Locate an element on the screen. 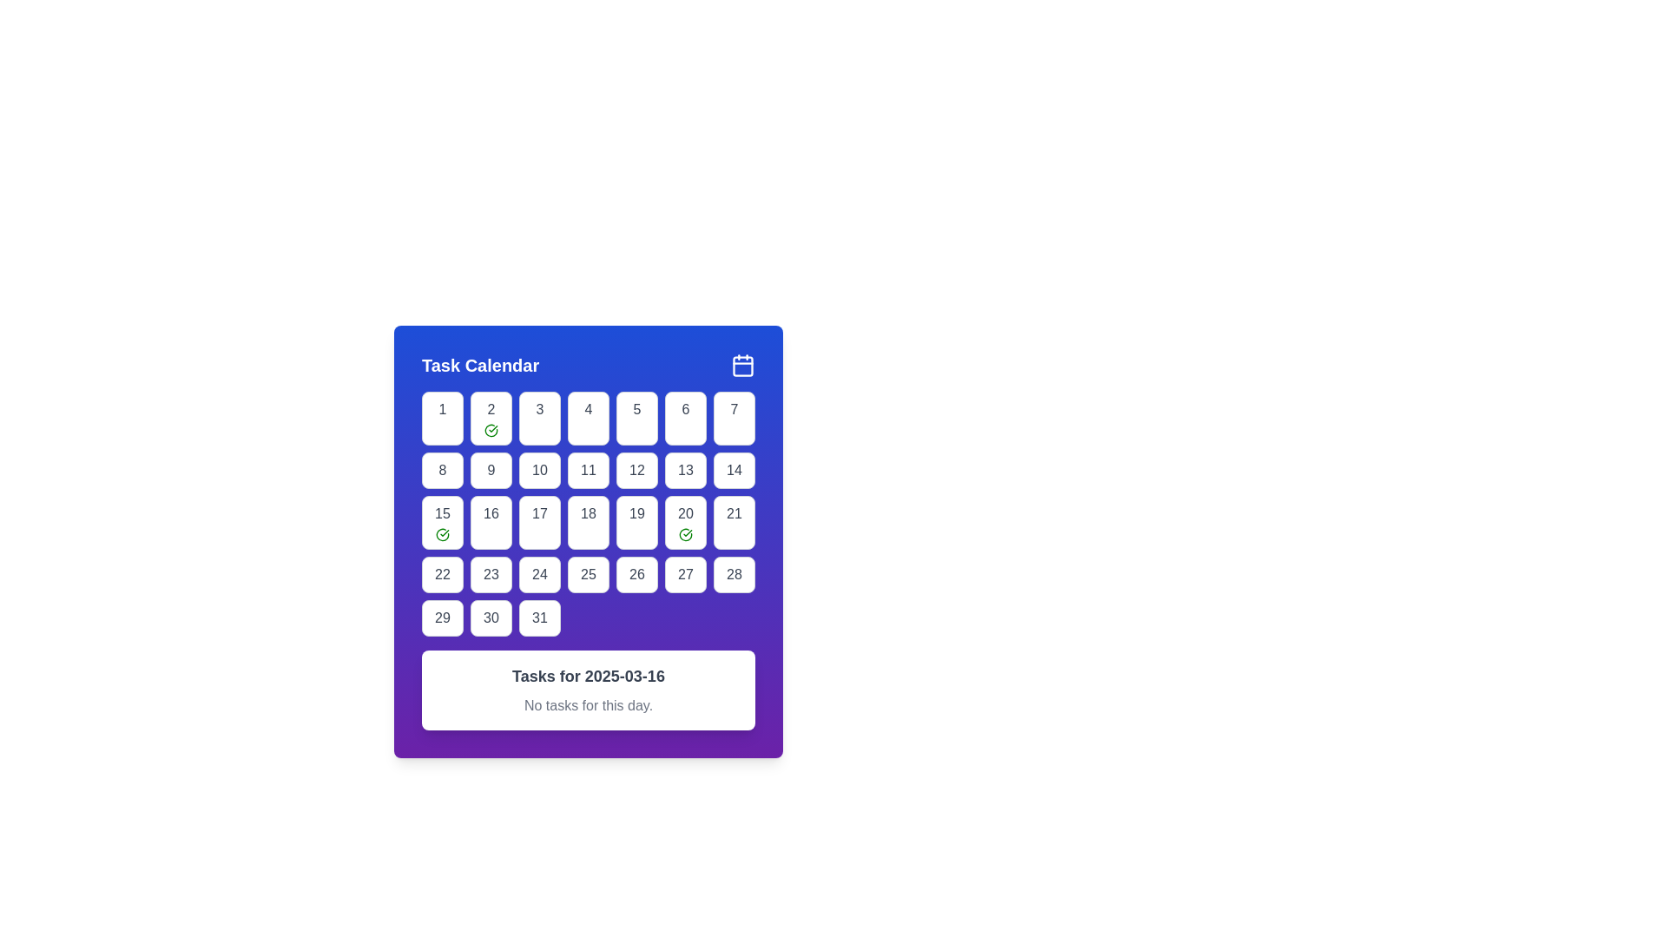 The height and width of the screenshot is (938, 1667). the calendar icon located in the top-right corner of the 'Task Calendar' card is located at coordinates (742, 364).